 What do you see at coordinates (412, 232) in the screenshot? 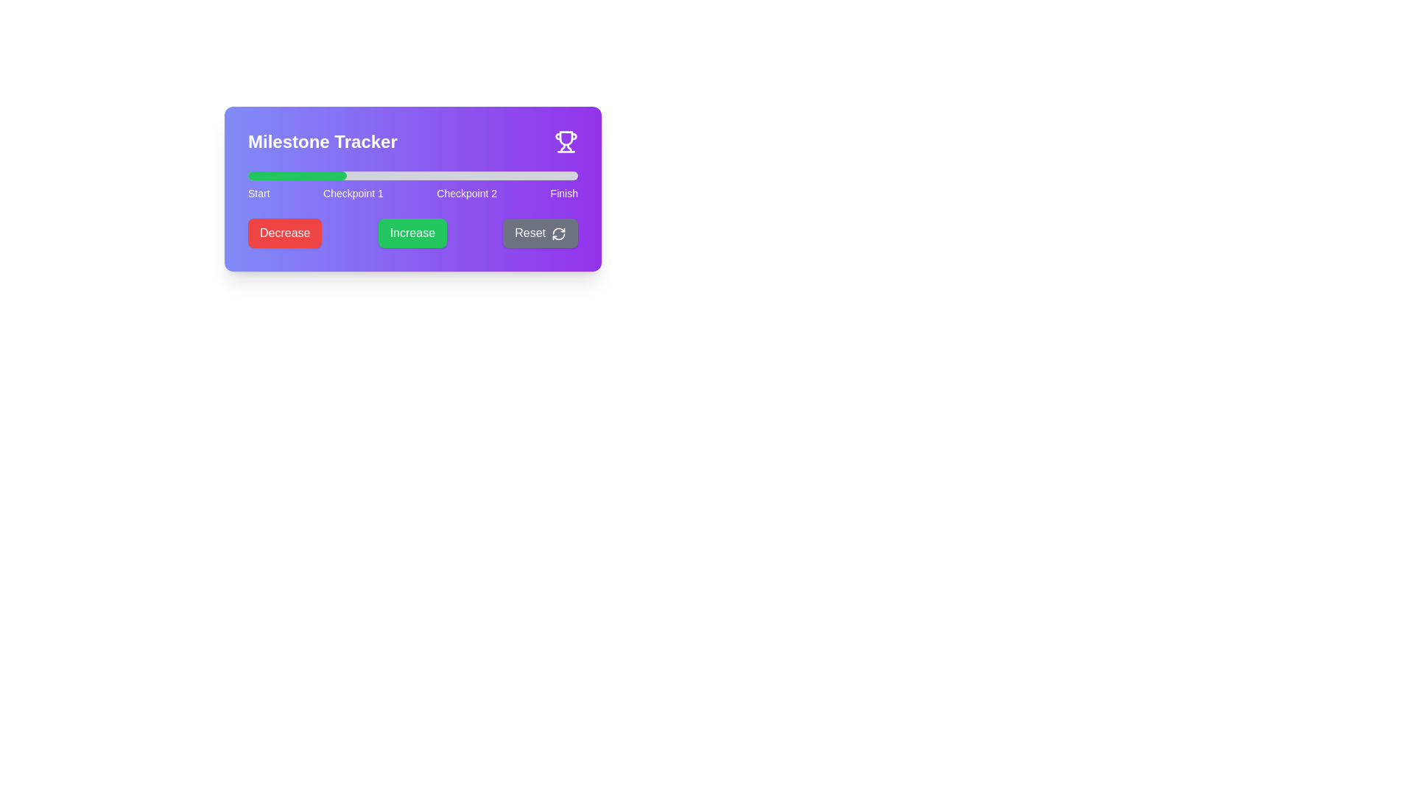
I see `the green 'Increase' button with rounded edges, located between the red 'Decrease' button and the gray 'Reset' button` at bounding box center [412, 232].